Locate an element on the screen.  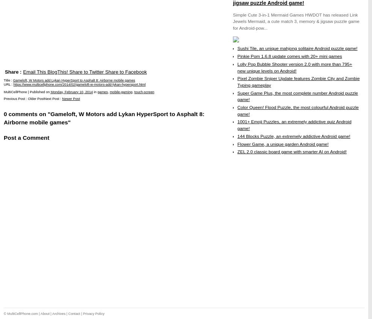
'Post a Comment' is located at coordinates (26, 137).